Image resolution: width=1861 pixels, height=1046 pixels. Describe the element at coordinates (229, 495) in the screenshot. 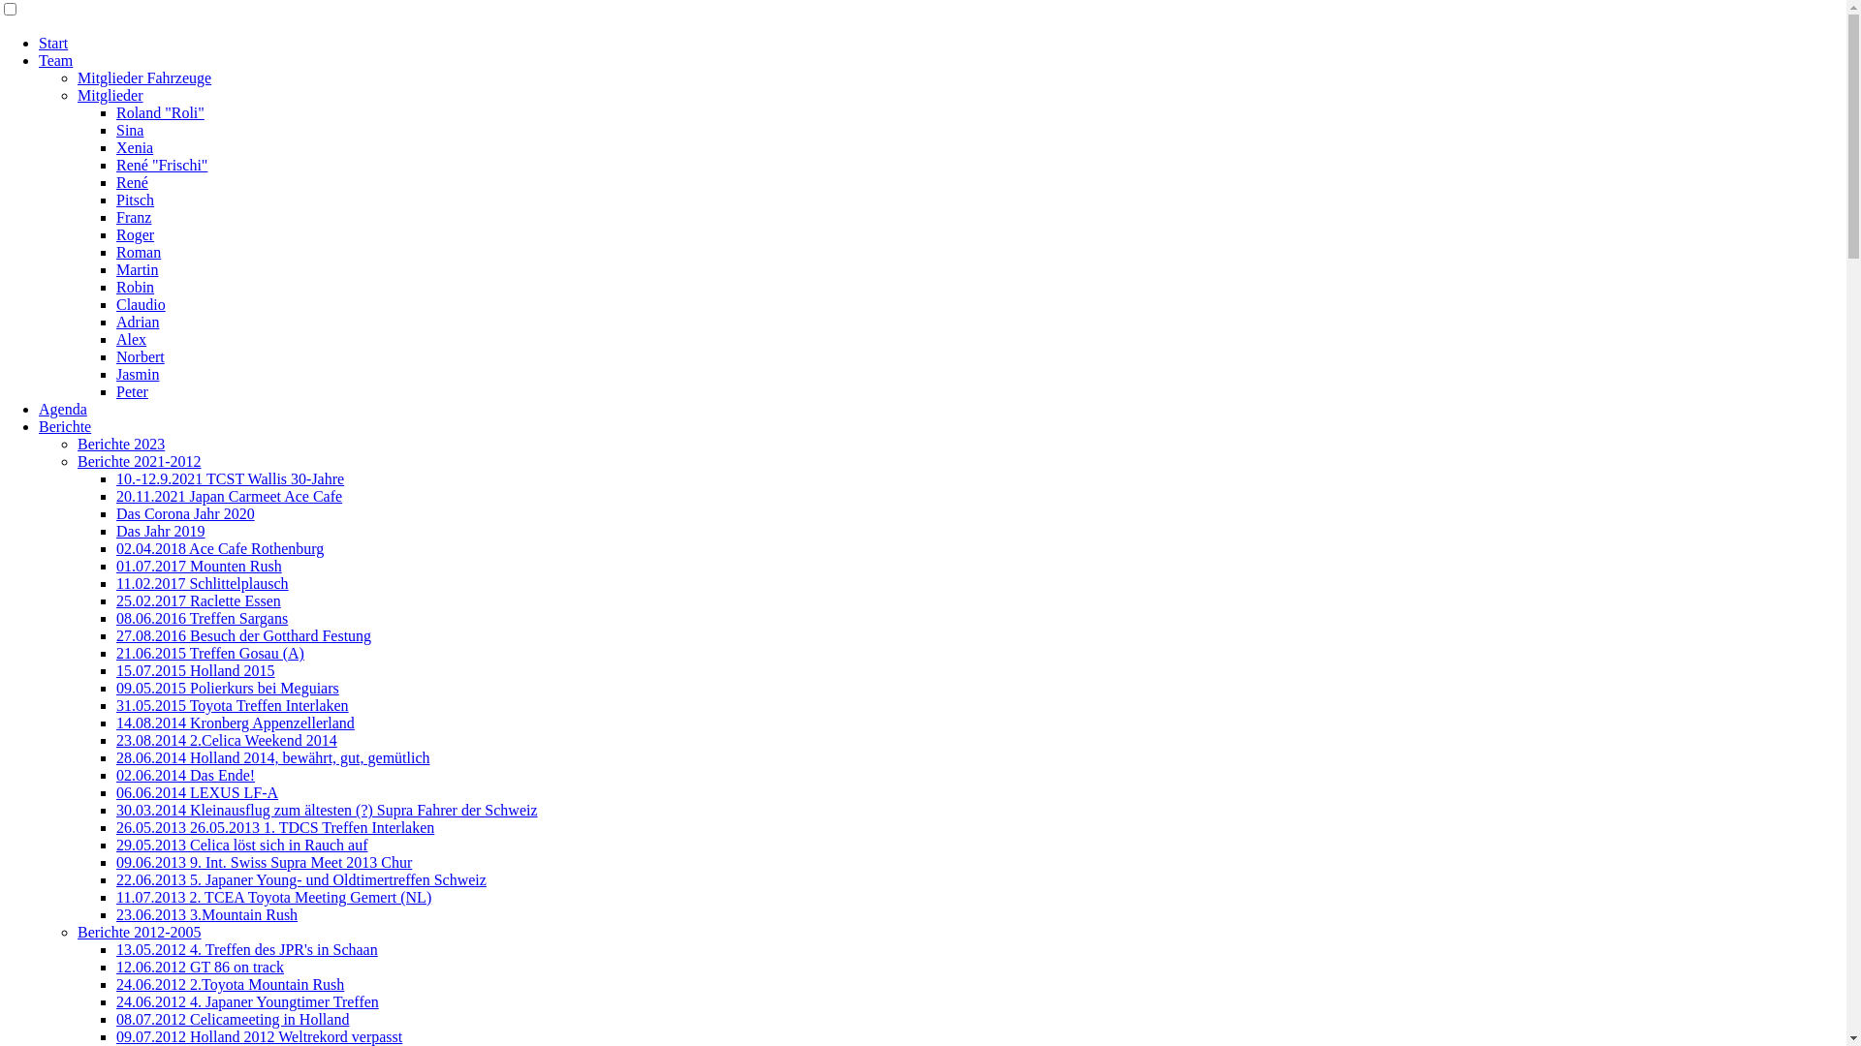

I see `'20.11.2021 Japan Carmeet Ace Cafe'` at that location.